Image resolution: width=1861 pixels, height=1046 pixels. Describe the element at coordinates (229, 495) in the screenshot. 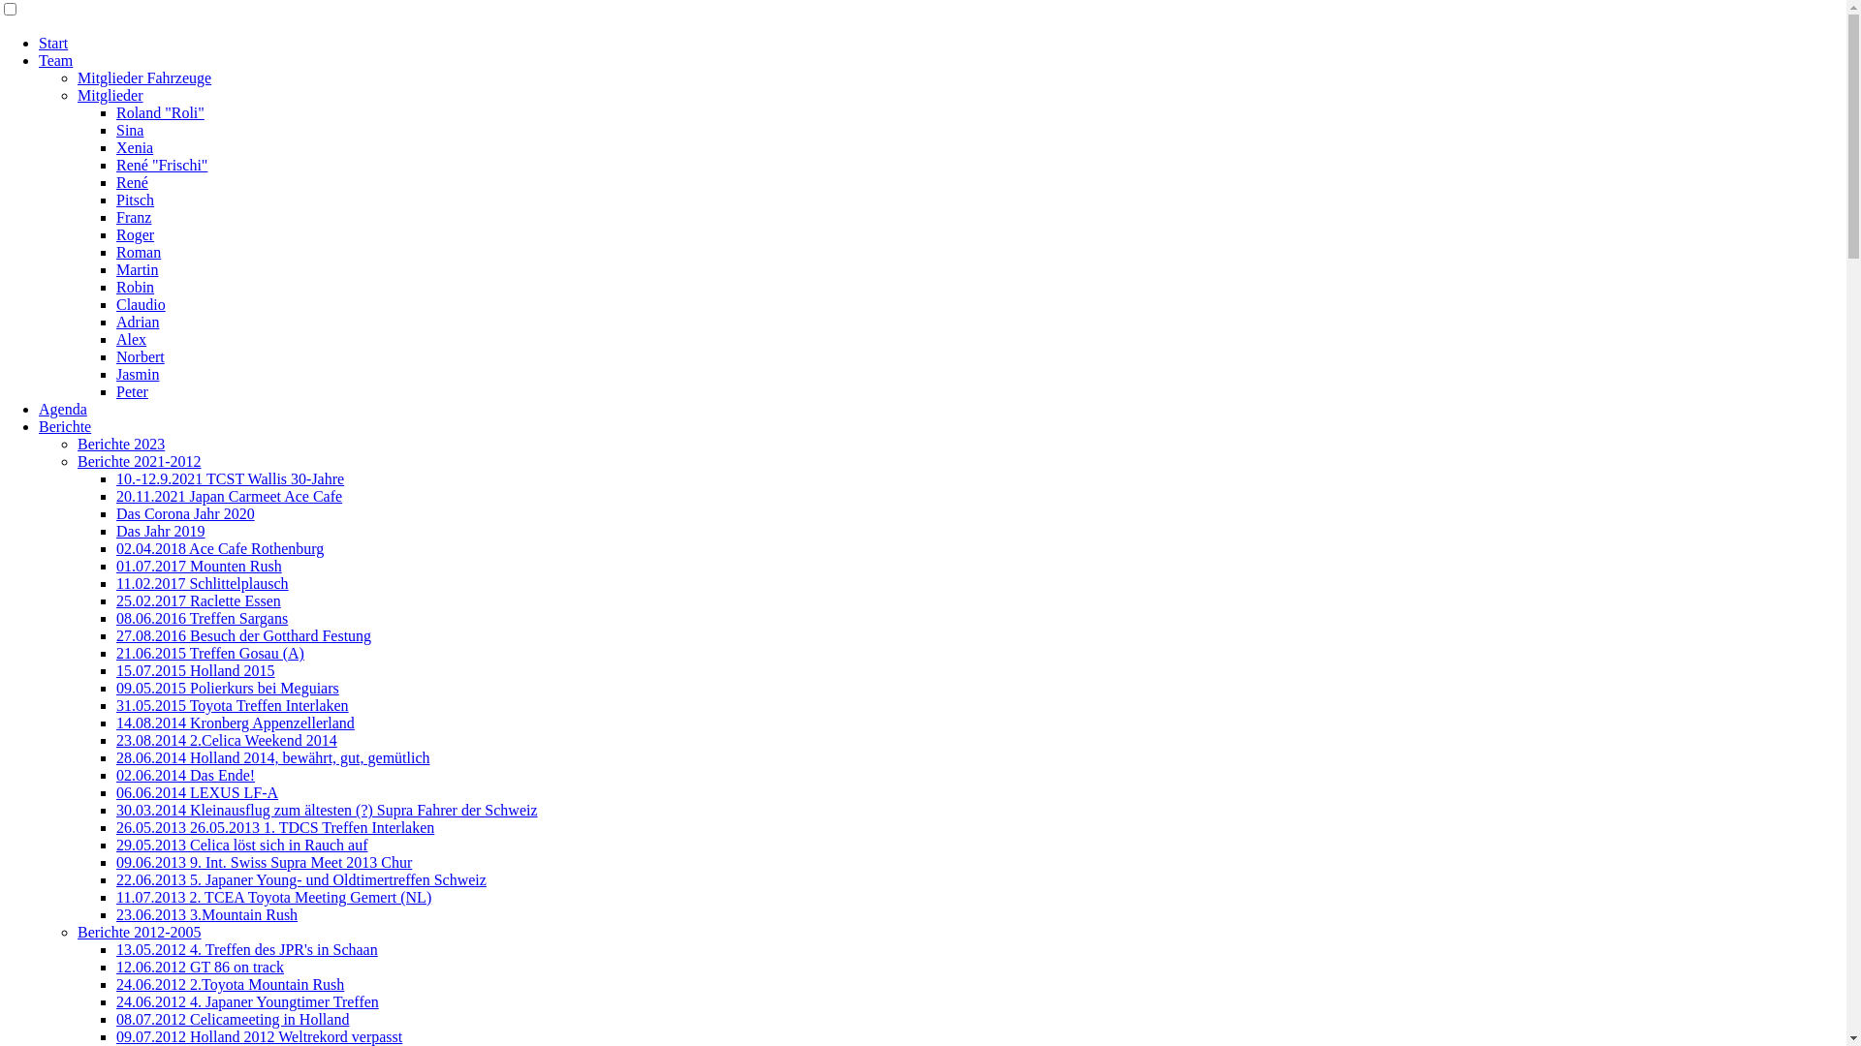

I see `'20.11.2021 Japan Carmeet Ace Cafe'` at that location.